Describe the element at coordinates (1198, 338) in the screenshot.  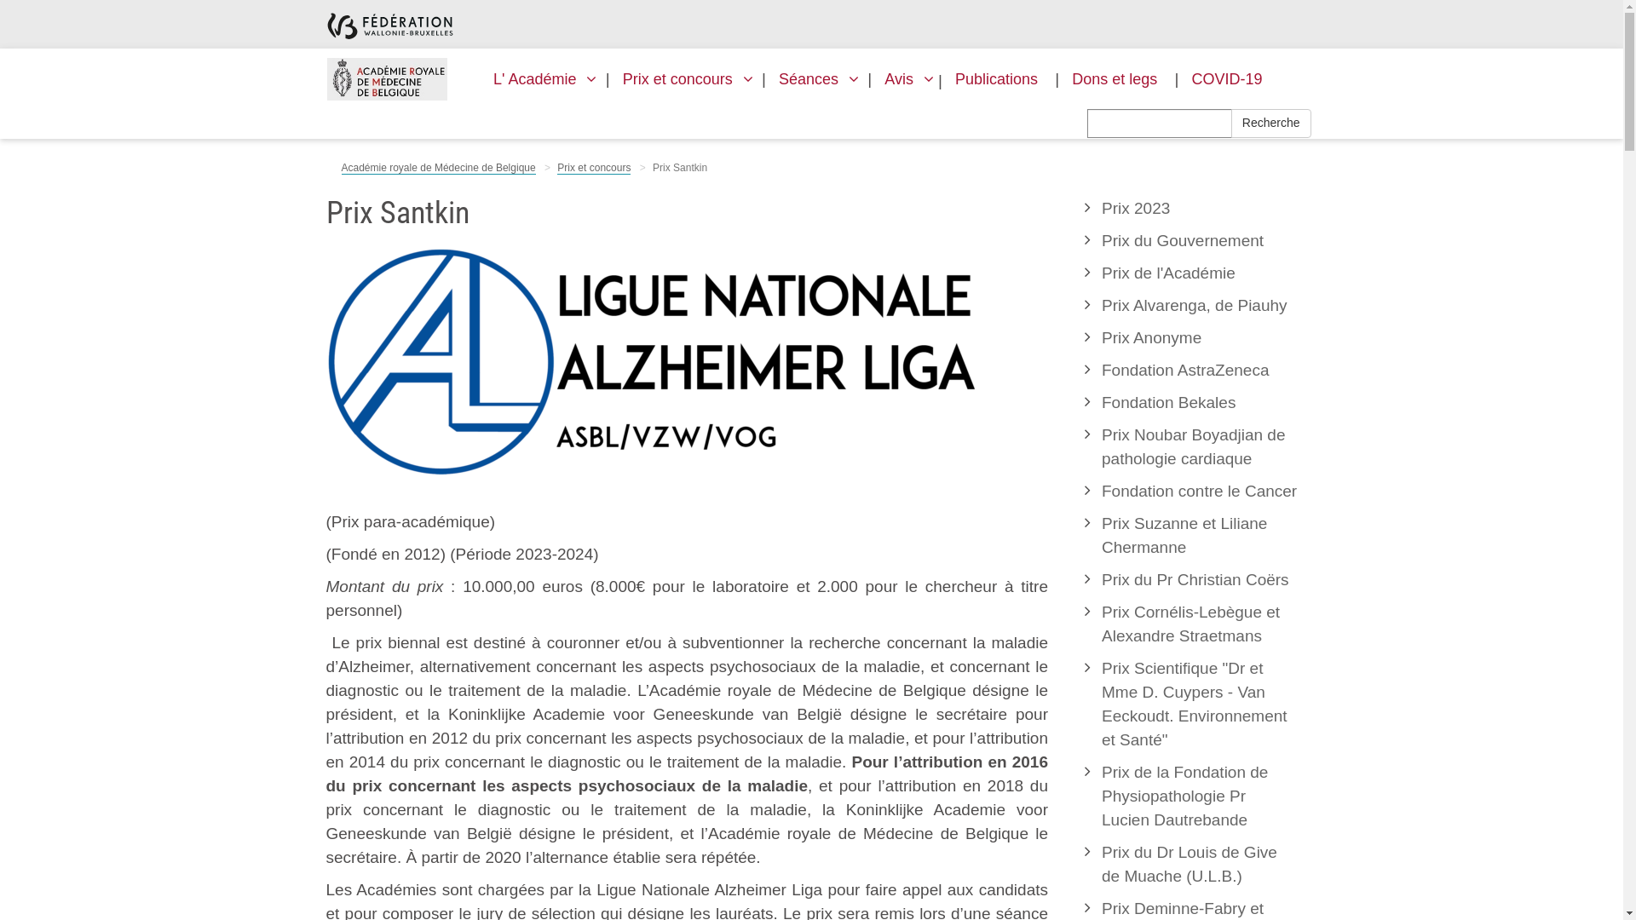
I see `'Prix Anonyme'` at that location.